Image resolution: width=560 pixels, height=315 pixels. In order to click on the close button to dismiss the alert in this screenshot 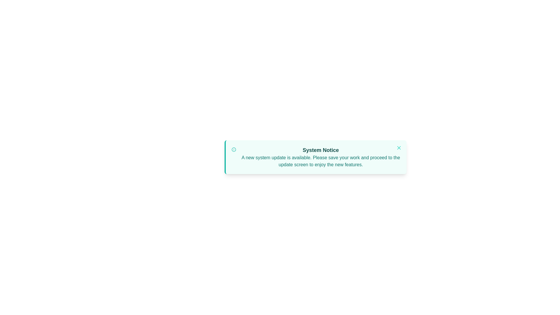, I will do `click(399, 147)`.